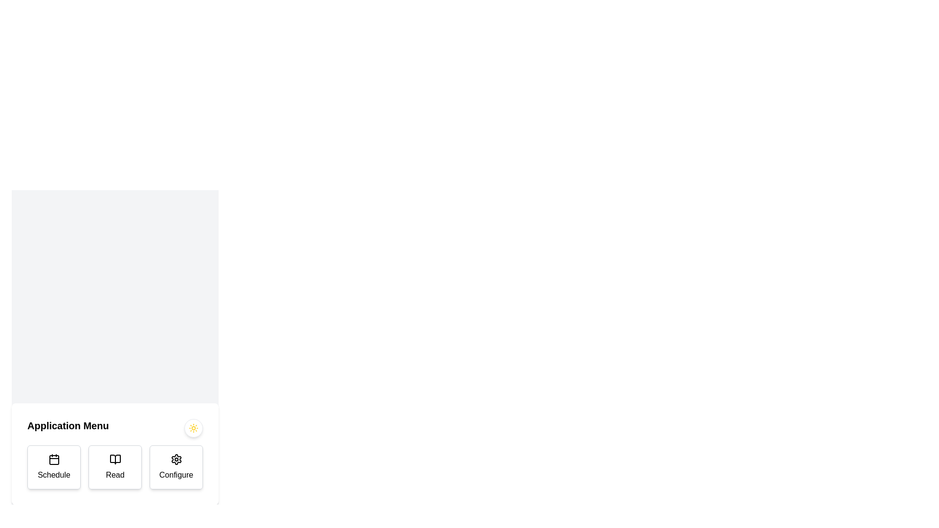 The image size is (939, 528). I want to click on the 'Read' button located in the middle of a three-tile layout at the bottom of the interface, so click(115, 467).